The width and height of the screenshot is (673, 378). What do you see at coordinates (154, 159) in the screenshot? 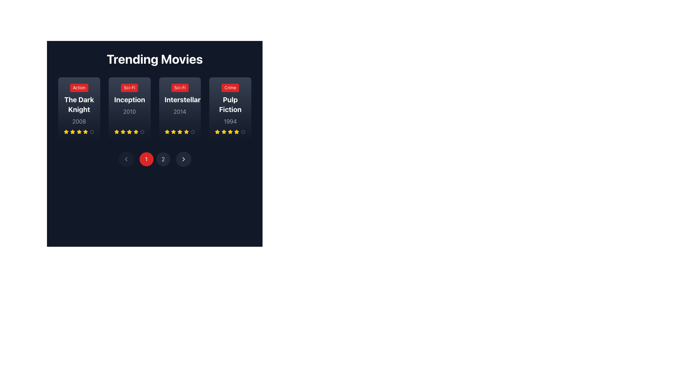
I see `the navigation button for the first page of displayed movies, located in the horizontal navigation bar beneath the movie cards` at bounding box center [154, 159].